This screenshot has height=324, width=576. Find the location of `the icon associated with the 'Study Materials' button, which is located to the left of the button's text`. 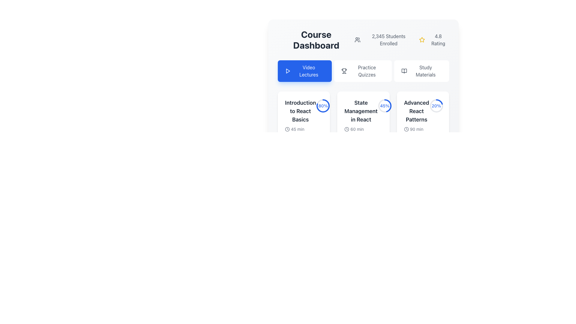

the icon associated with the 'Study Materials' button, which is located to the left of the button's text is located at coordinates (404, 70).